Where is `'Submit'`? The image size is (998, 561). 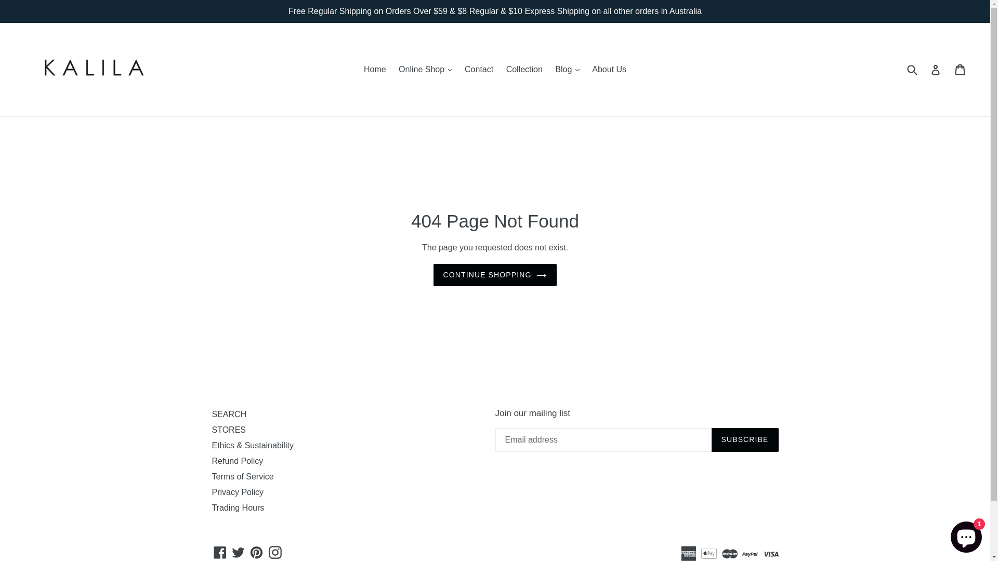 'Submit' is located at coordinates (903, 69).